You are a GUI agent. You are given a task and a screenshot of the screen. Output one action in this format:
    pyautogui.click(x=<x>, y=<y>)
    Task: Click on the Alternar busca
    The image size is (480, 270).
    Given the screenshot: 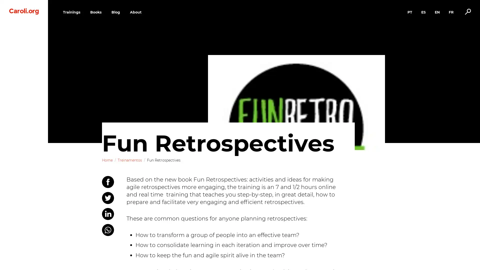 What is the action you would take?
    pyautogui.click(x=467, y=11)
    